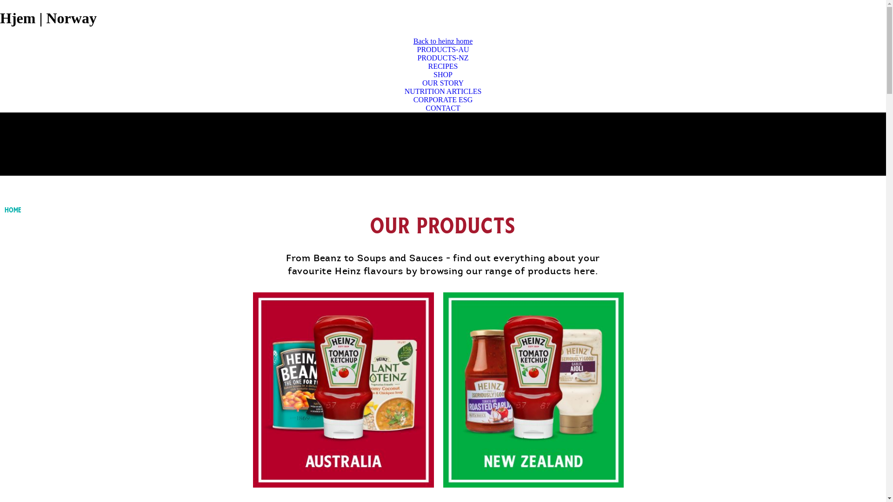 This screenshot has width=893, height=502. What do you see at coordinates (442, 91) in the screenshot?
I see `'NUTRITION ARTICLES'` at bounding box center [442, 91].